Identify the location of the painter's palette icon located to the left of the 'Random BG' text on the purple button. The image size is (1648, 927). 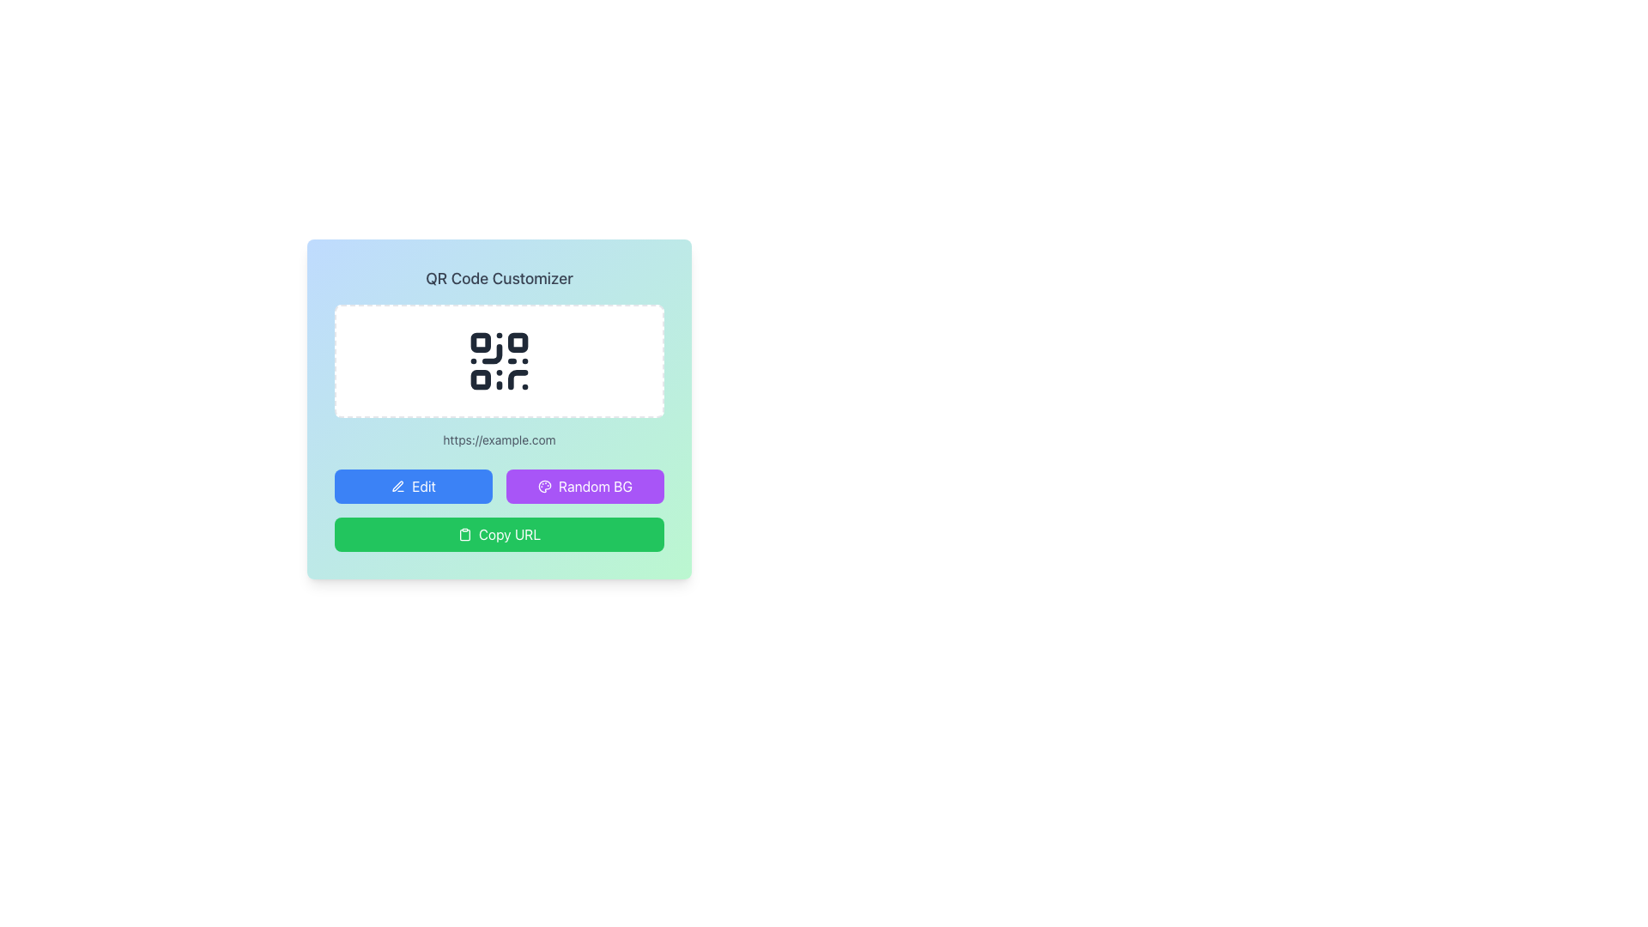
(543, 487).